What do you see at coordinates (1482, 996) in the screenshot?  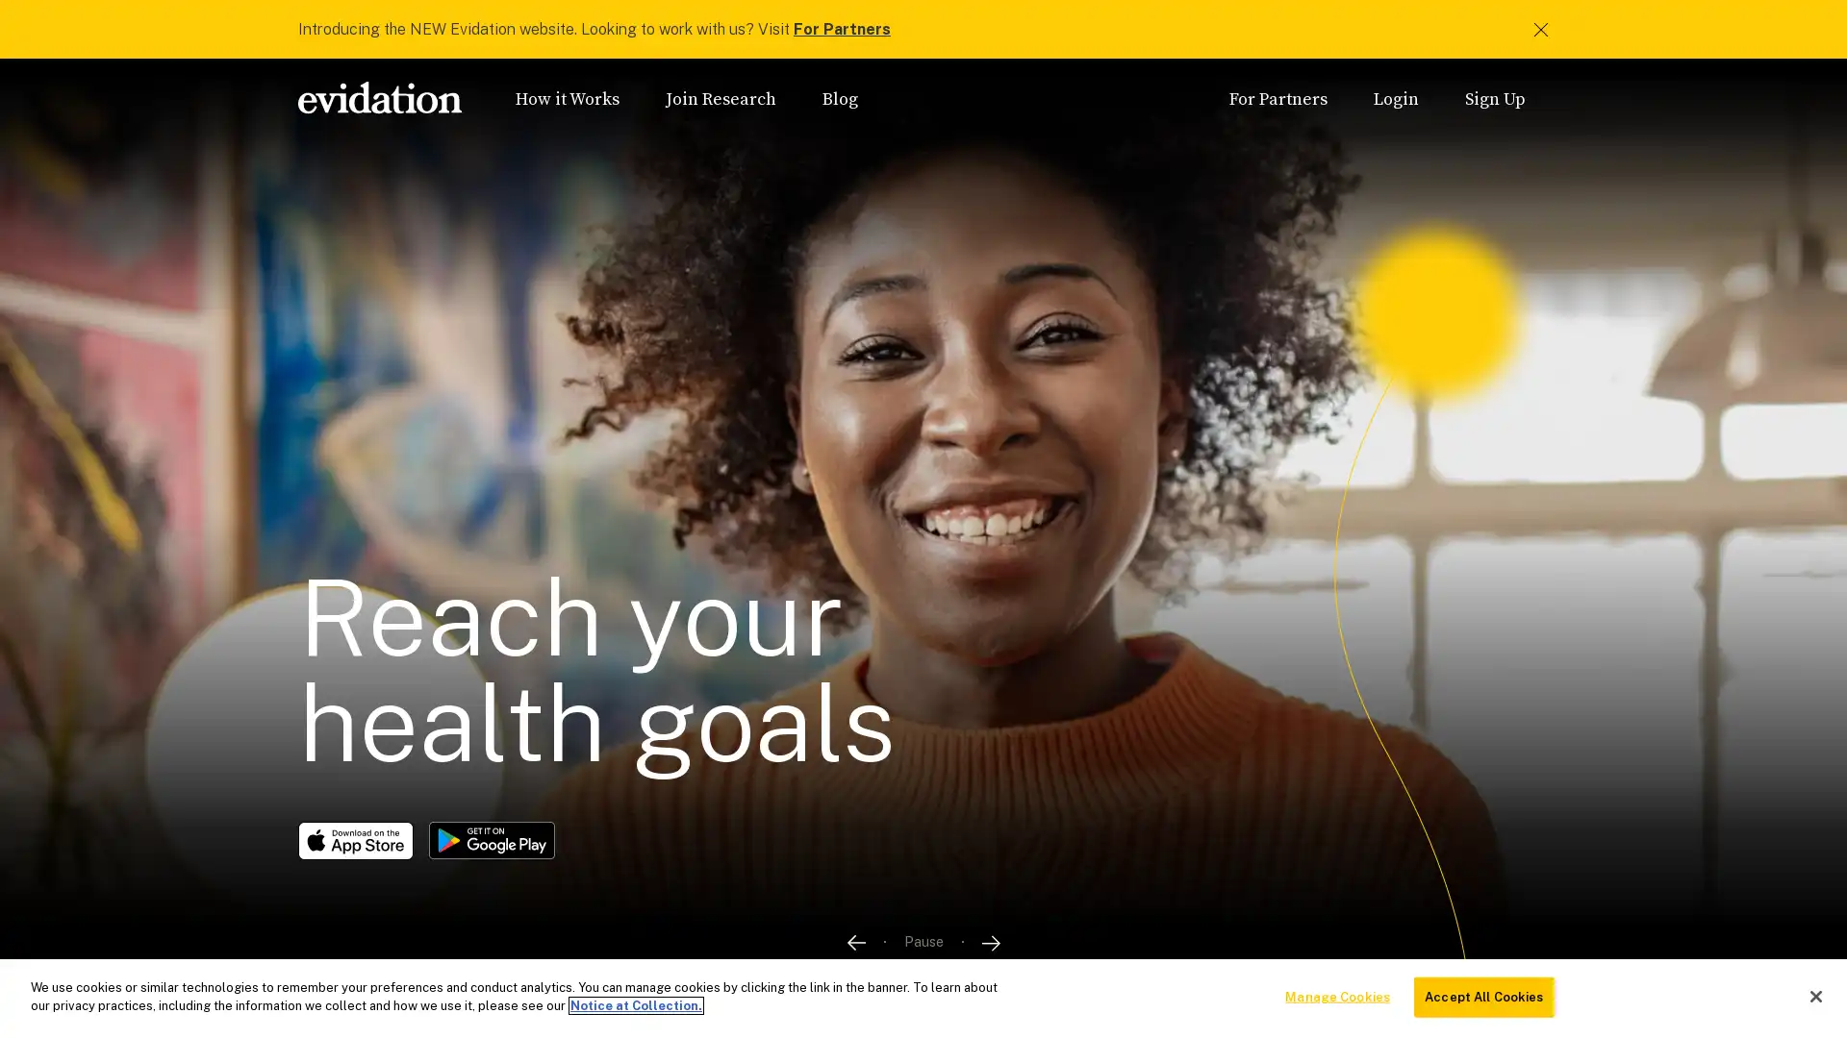 I see `Accept All Cookies` at bounding box center [1482, 996].